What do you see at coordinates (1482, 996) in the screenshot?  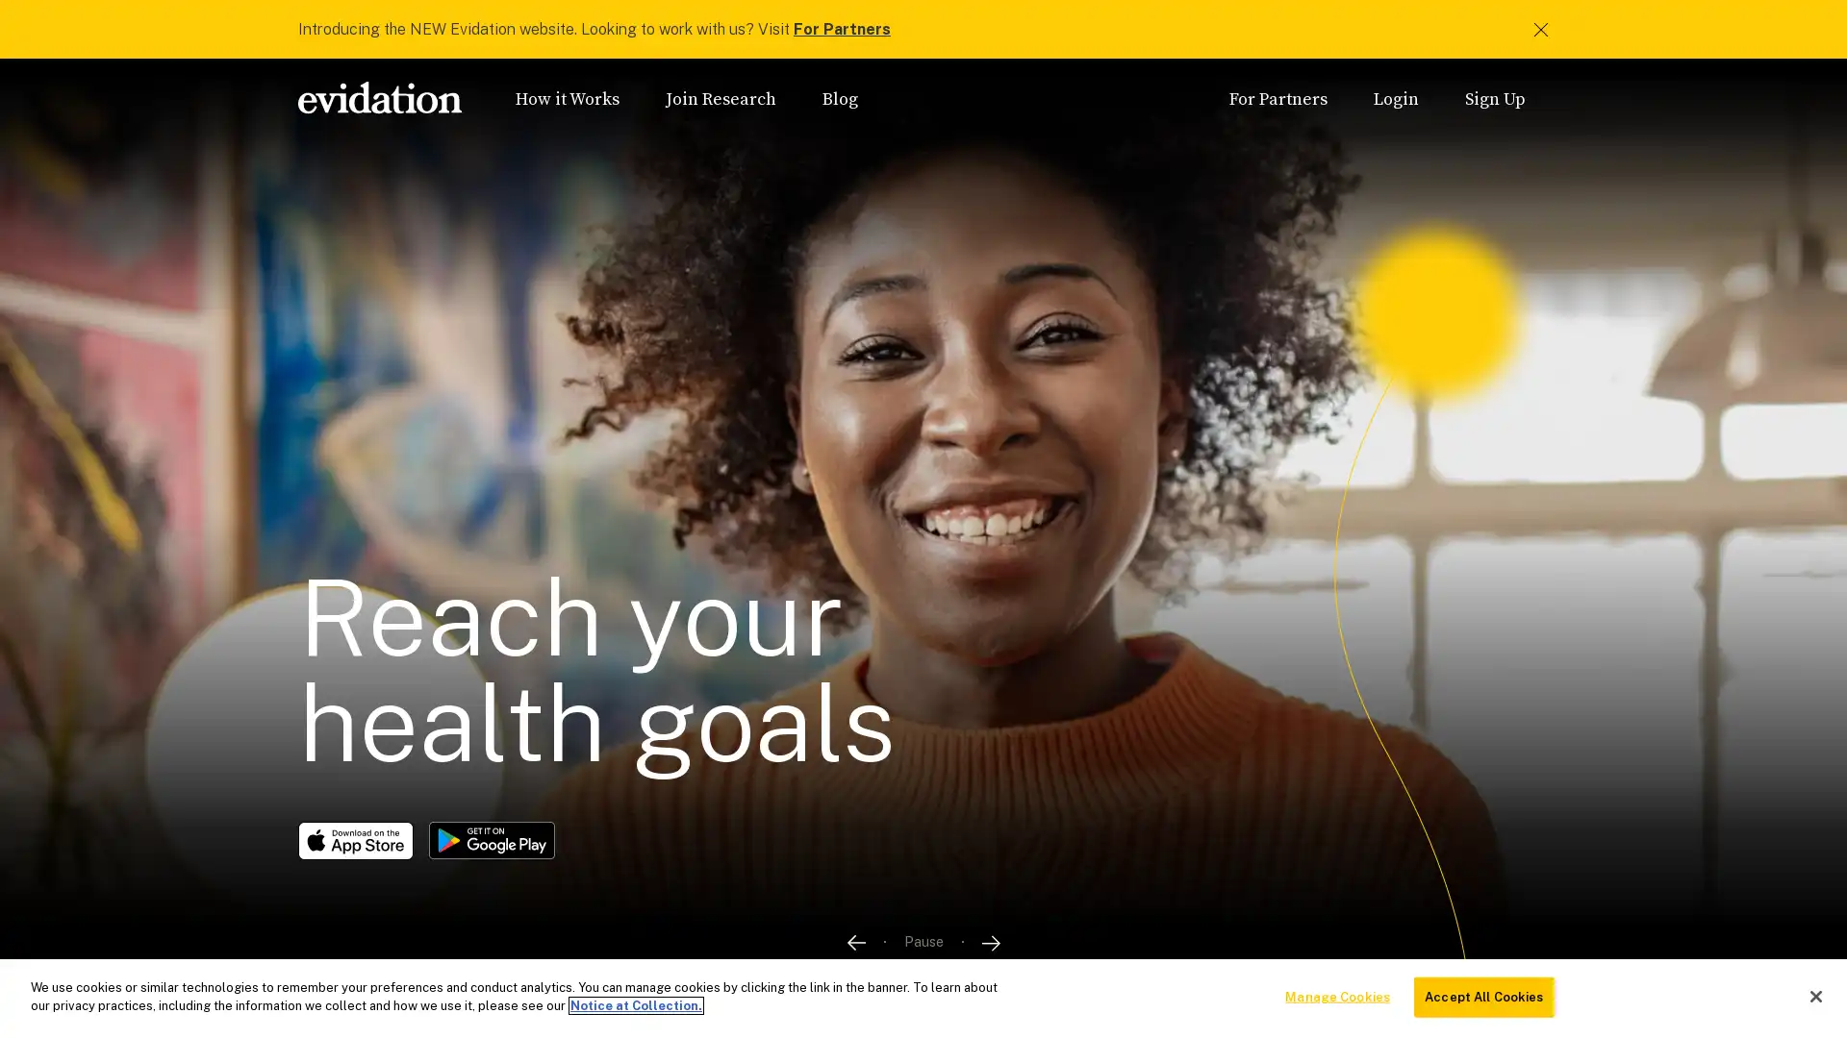 I see `Accept All Cookies` at bounding box center [1482, 996].